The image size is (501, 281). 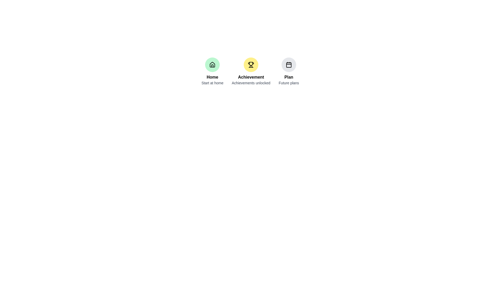 I want to click on the green circular icon with a house icon labeled 'Home', so click(x=212, y=71).